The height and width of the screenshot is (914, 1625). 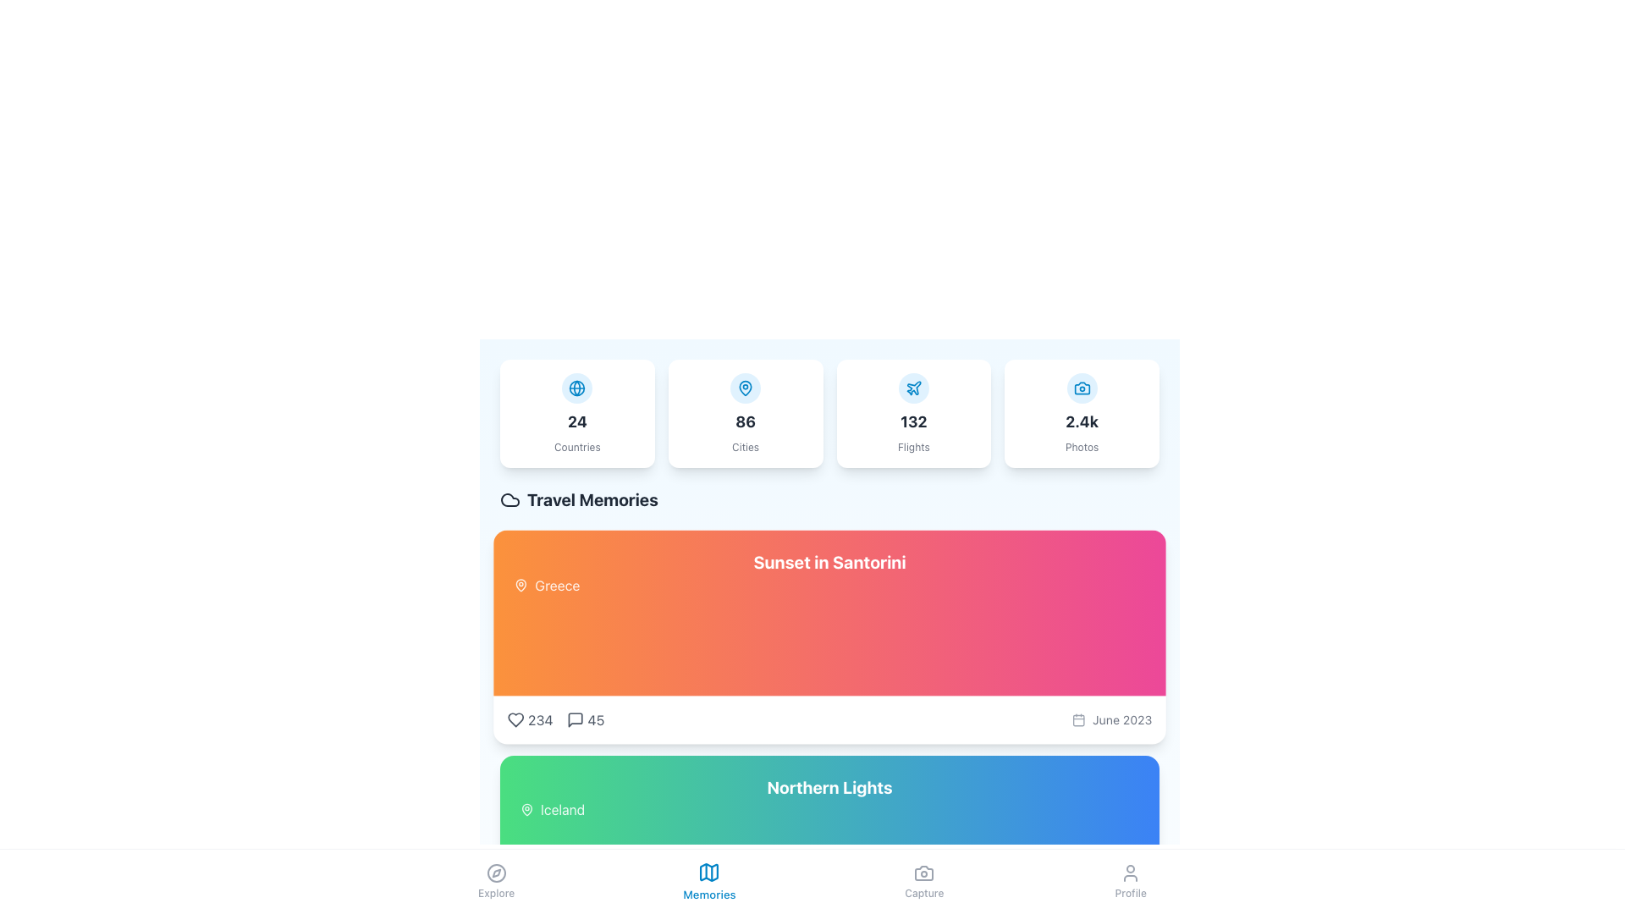 I want to click on the comment icon in the summary for 'Sunset in Santorini', located in the lower control bar next to the comment count, so click(x=576, y=719).